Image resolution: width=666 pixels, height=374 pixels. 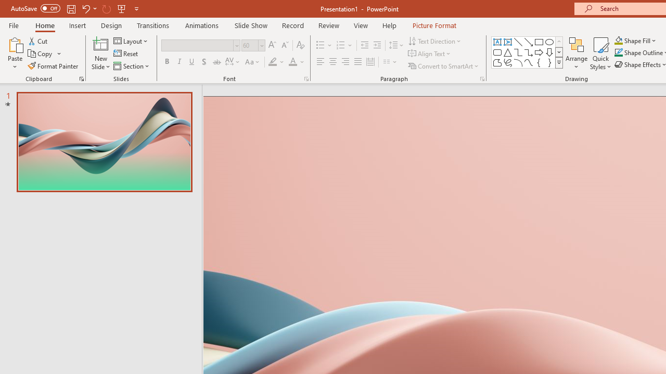 I want to click on 'Picture Format', so click(x=434, y=25).